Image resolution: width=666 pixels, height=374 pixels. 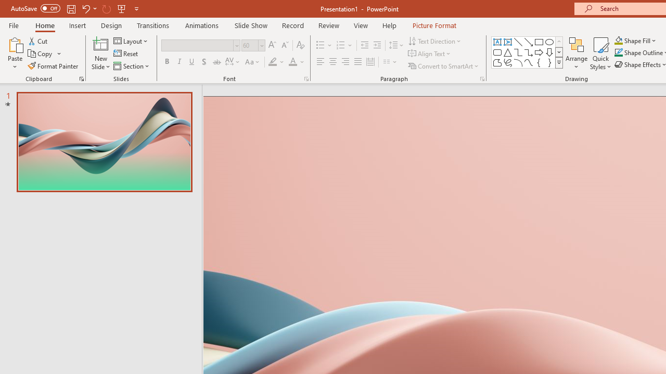 I want to click on 'Picture Format', so click(x=434, y=25).